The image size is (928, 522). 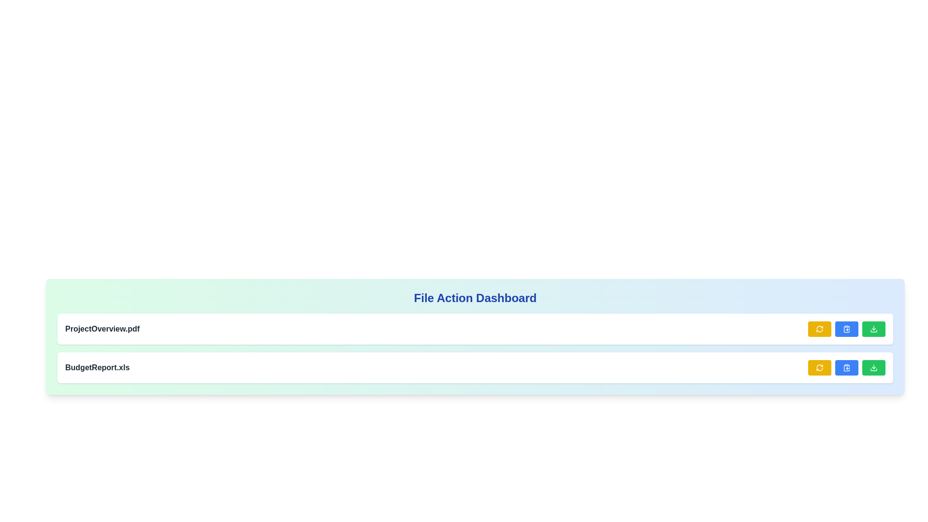 What do you see at coordinates (846, 329) in the screenshot?
I see `the blue button with a clipboard icon` at bounding box center [846, 329].